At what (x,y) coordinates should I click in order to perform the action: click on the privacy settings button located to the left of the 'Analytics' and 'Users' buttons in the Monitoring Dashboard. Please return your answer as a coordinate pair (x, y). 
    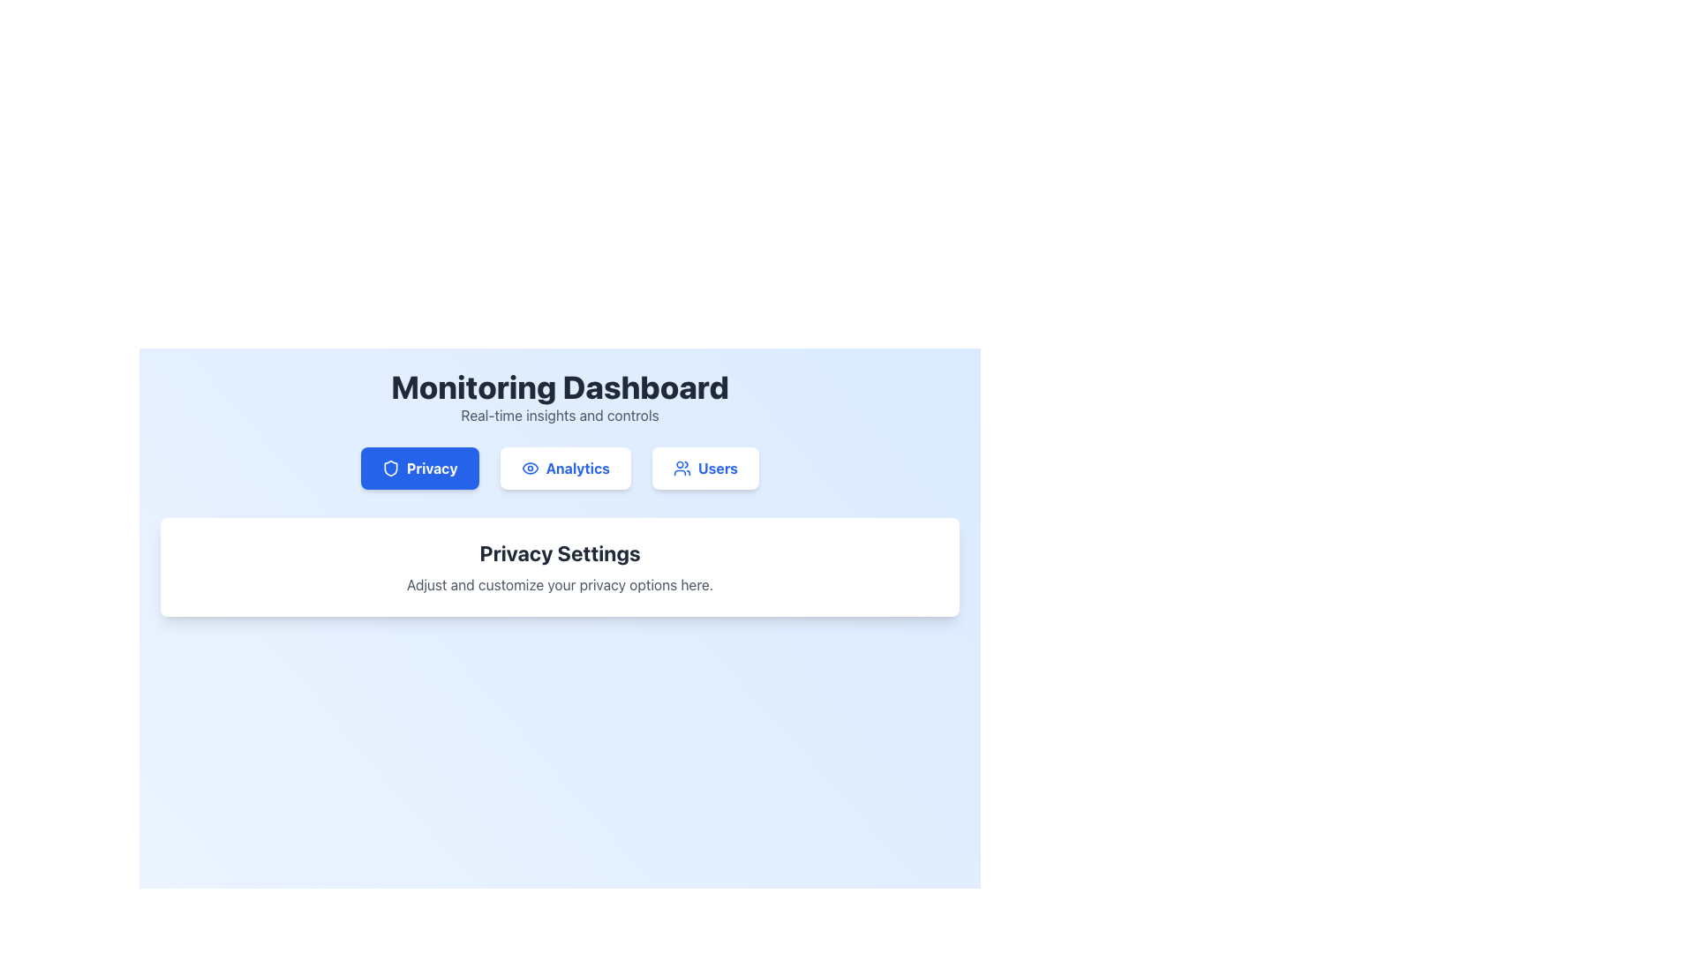
    Looking at the image, I should click on (418, 468).